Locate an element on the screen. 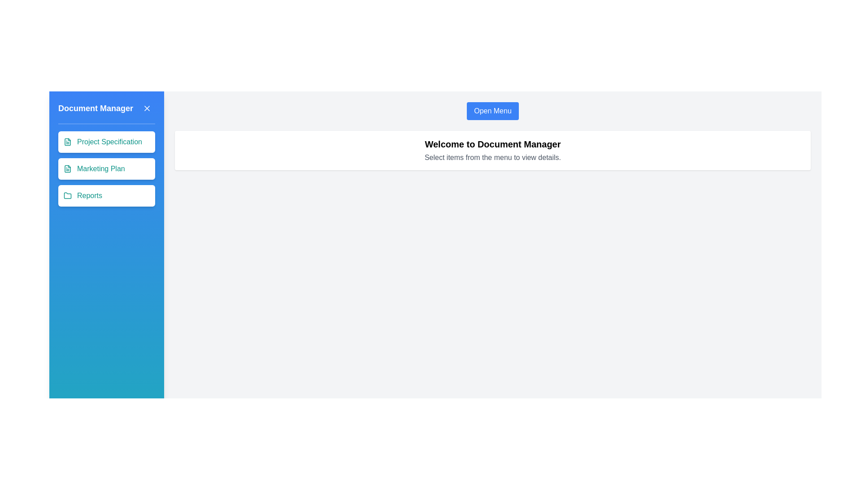 The width and height of the screenshot is (861, 484). the 'Open Menu' button to open the menu drawer is located at coordinates (492, 110).